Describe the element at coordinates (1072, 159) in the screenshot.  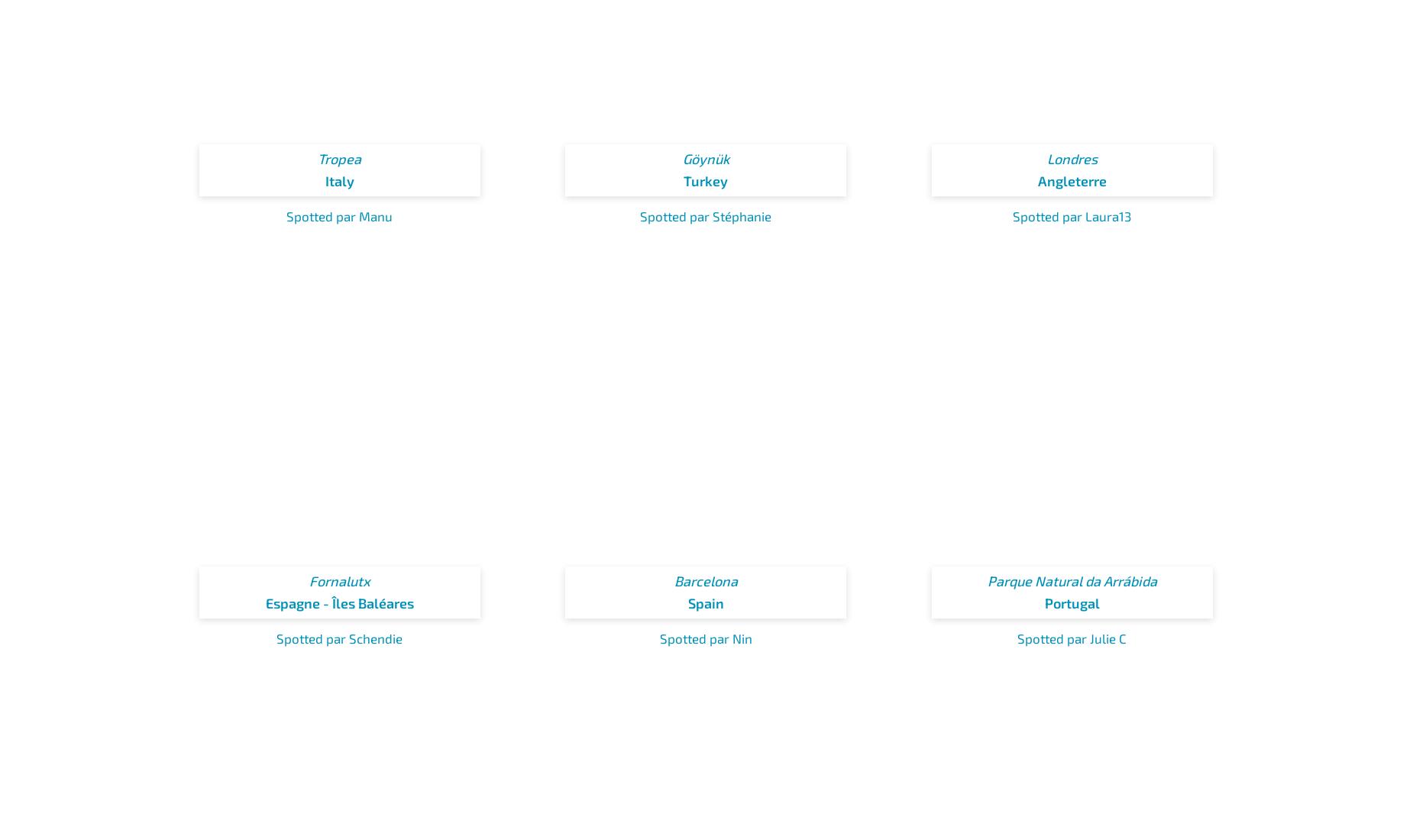
I see `'Londres'` at that location.